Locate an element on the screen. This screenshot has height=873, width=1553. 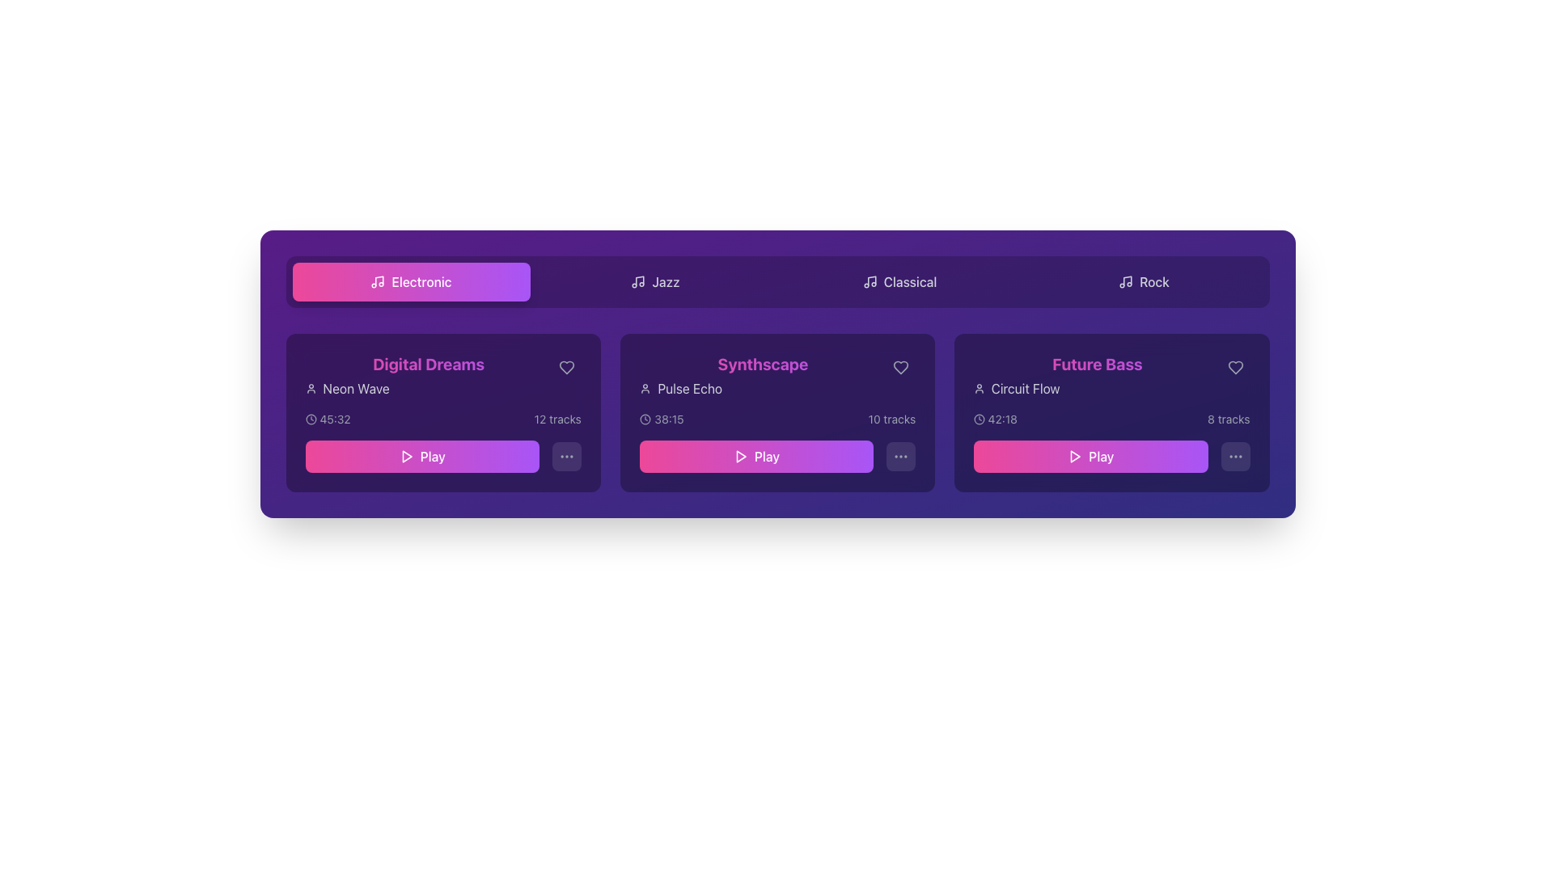
the 'Play' label inside the button located in the bottom left of the first card, which initiates playback of audio or video content is located at coordinates (433, 456).